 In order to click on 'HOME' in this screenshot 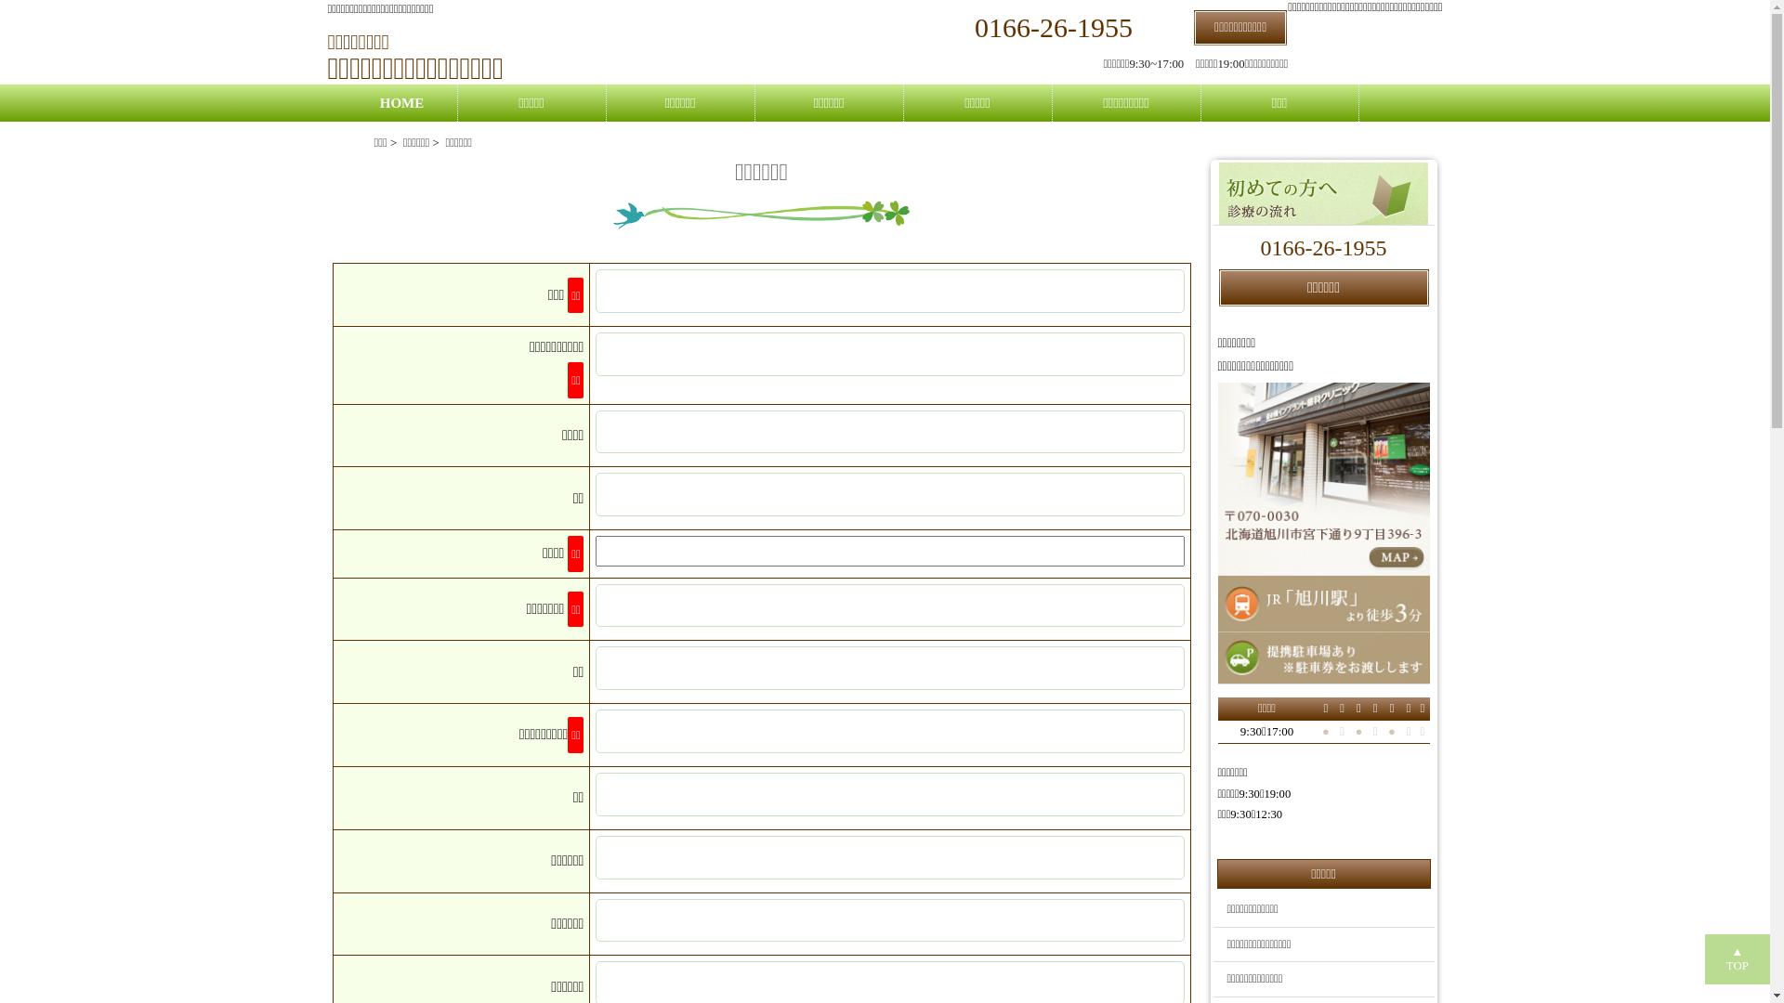, I will do `click(400, 103)`.